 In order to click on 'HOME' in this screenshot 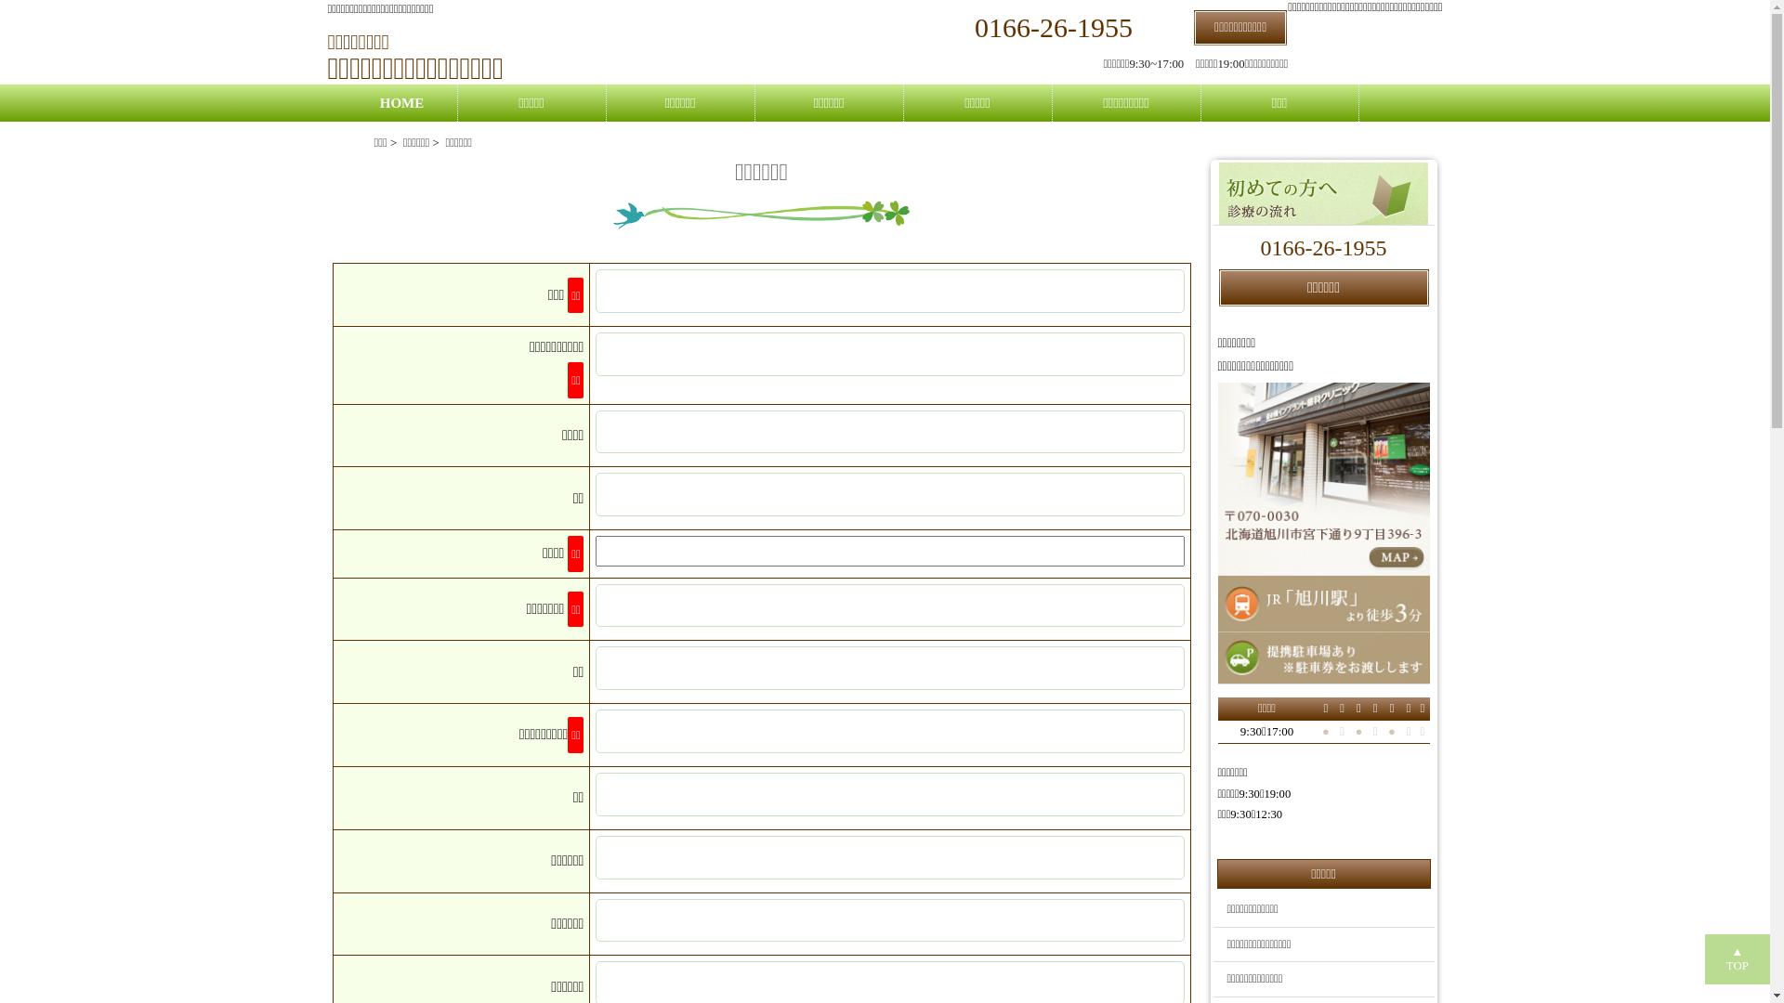, I will do `click(400, 103)`.